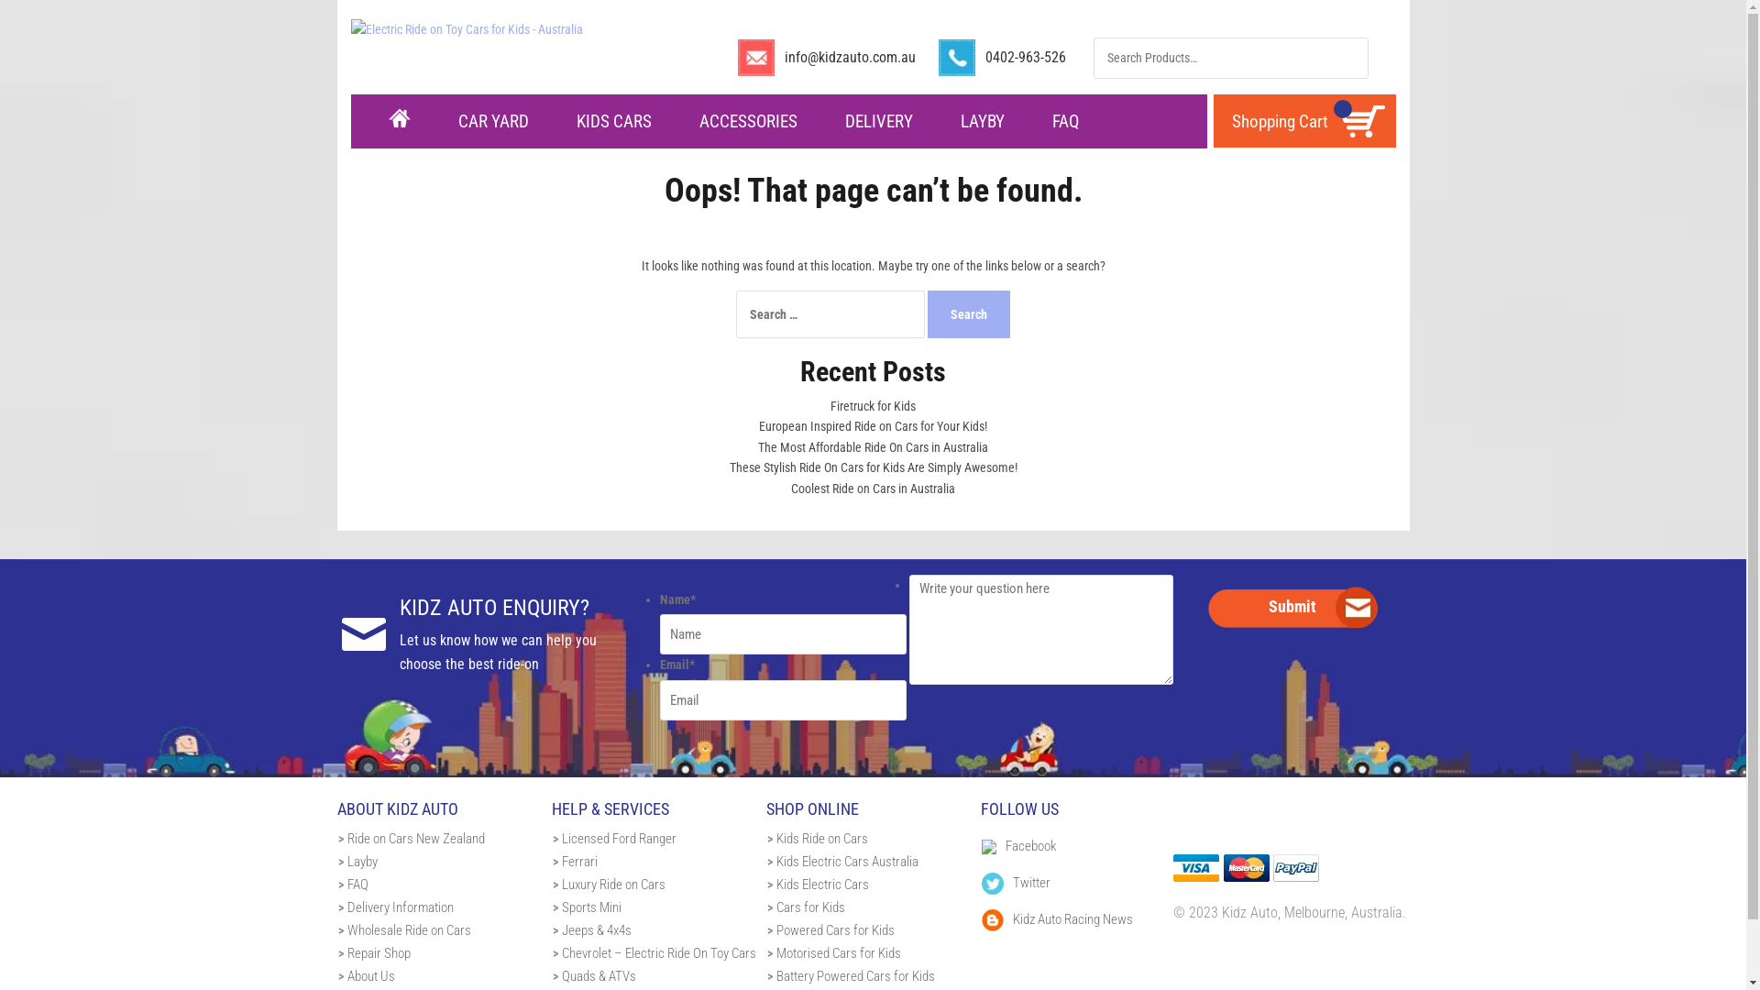 The image size is (1760, 990). Describe the element at coordinates (559, 929) in the screenshot. I see `'Jeeps & 4x4s'` at that location.